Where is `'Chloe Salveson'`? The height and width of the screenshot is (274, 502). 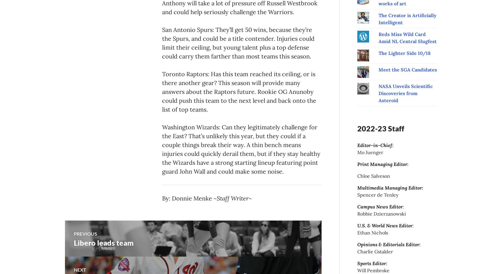 'Chloe Salveson' is located at coordinates (373, 176).